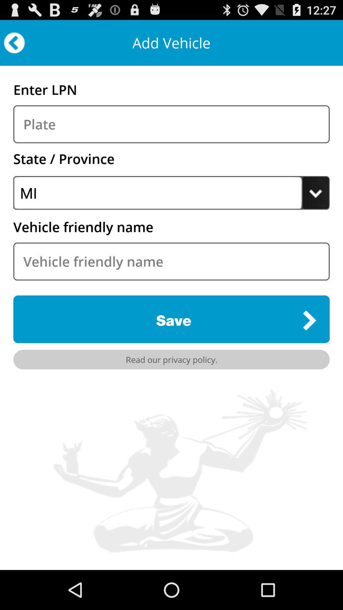 The width and height of the screenshot is (343, 610). I want to click on the plate box, so click(171, 124).